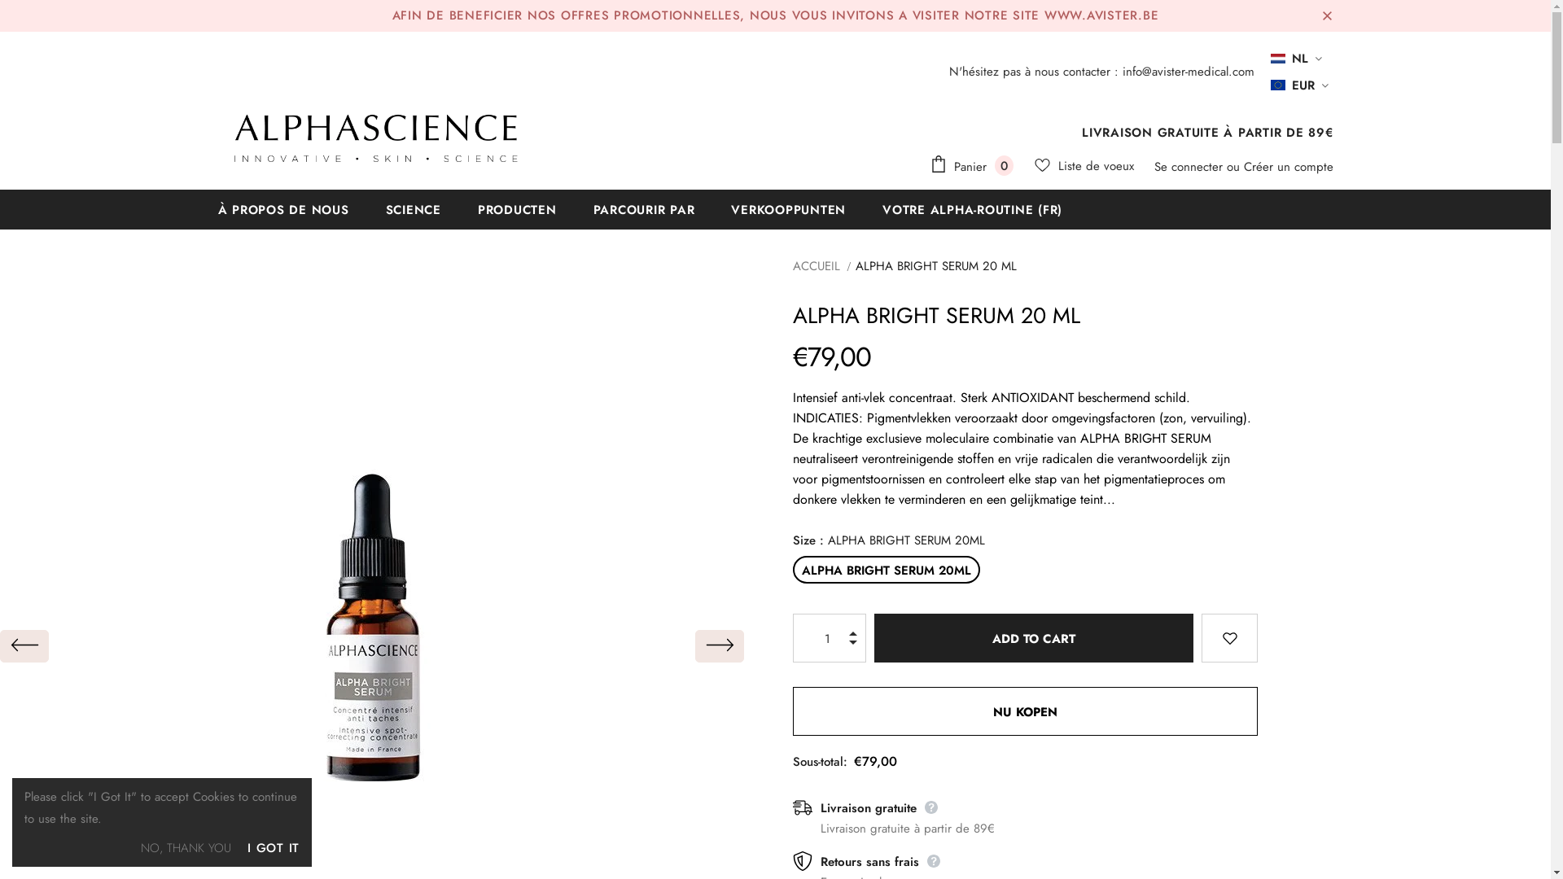  I want to click on 'Se connecter', so click(1190, 166).